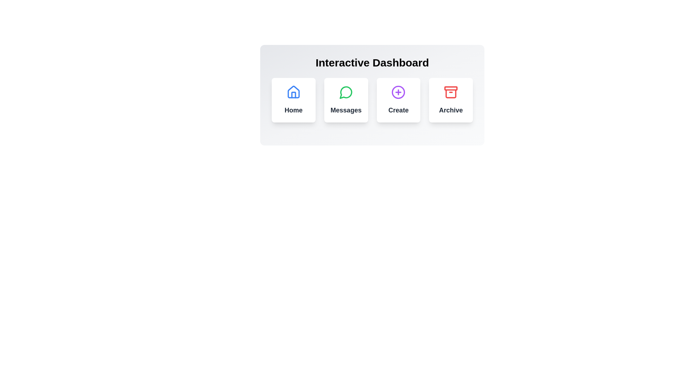 The width and height of the screenshot is (691, 388). I want to click on the 'Home' icon located in the first card item on the left of the dashboard, under the label 'Home', to interpret information, so click(293, 92).